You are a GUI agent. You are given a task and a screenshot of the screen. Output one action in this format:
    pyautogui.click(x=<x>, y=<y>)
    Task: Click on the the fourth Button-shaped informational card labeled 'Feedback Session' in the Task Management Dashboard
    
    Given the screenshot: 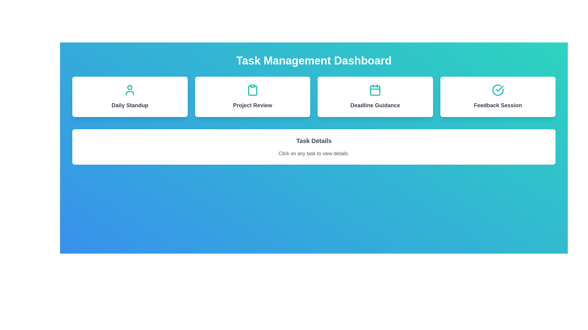 What is the action you would take?
    pyautogui.click(x=498, y=96)
    